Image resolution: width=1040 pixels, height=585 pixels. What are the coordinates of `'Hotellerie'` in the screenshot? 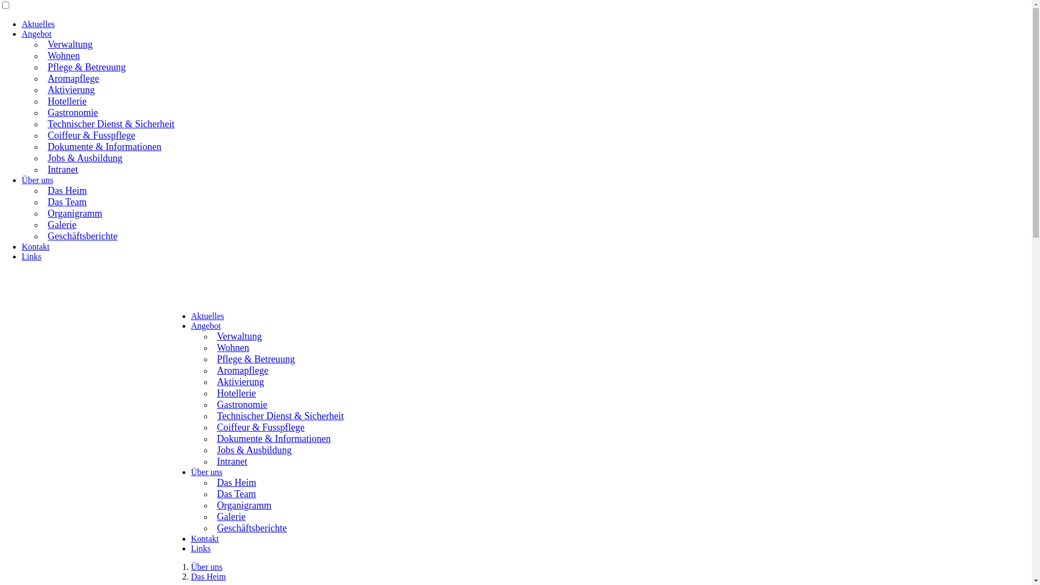 It's located at (212, 392).